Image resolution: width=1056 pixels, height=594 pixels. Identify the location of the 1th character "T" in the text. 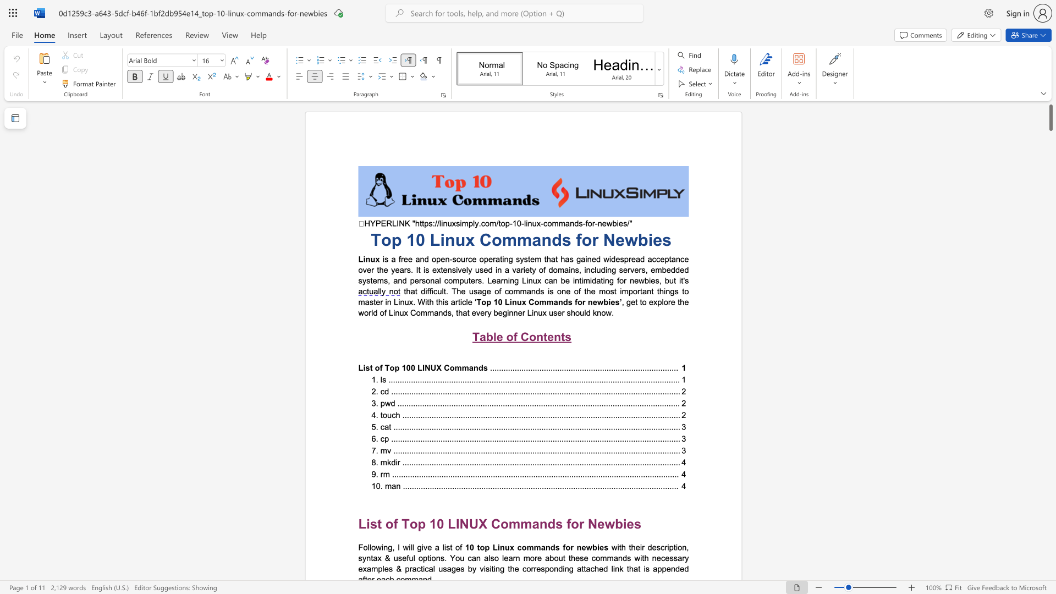
(405, 523).